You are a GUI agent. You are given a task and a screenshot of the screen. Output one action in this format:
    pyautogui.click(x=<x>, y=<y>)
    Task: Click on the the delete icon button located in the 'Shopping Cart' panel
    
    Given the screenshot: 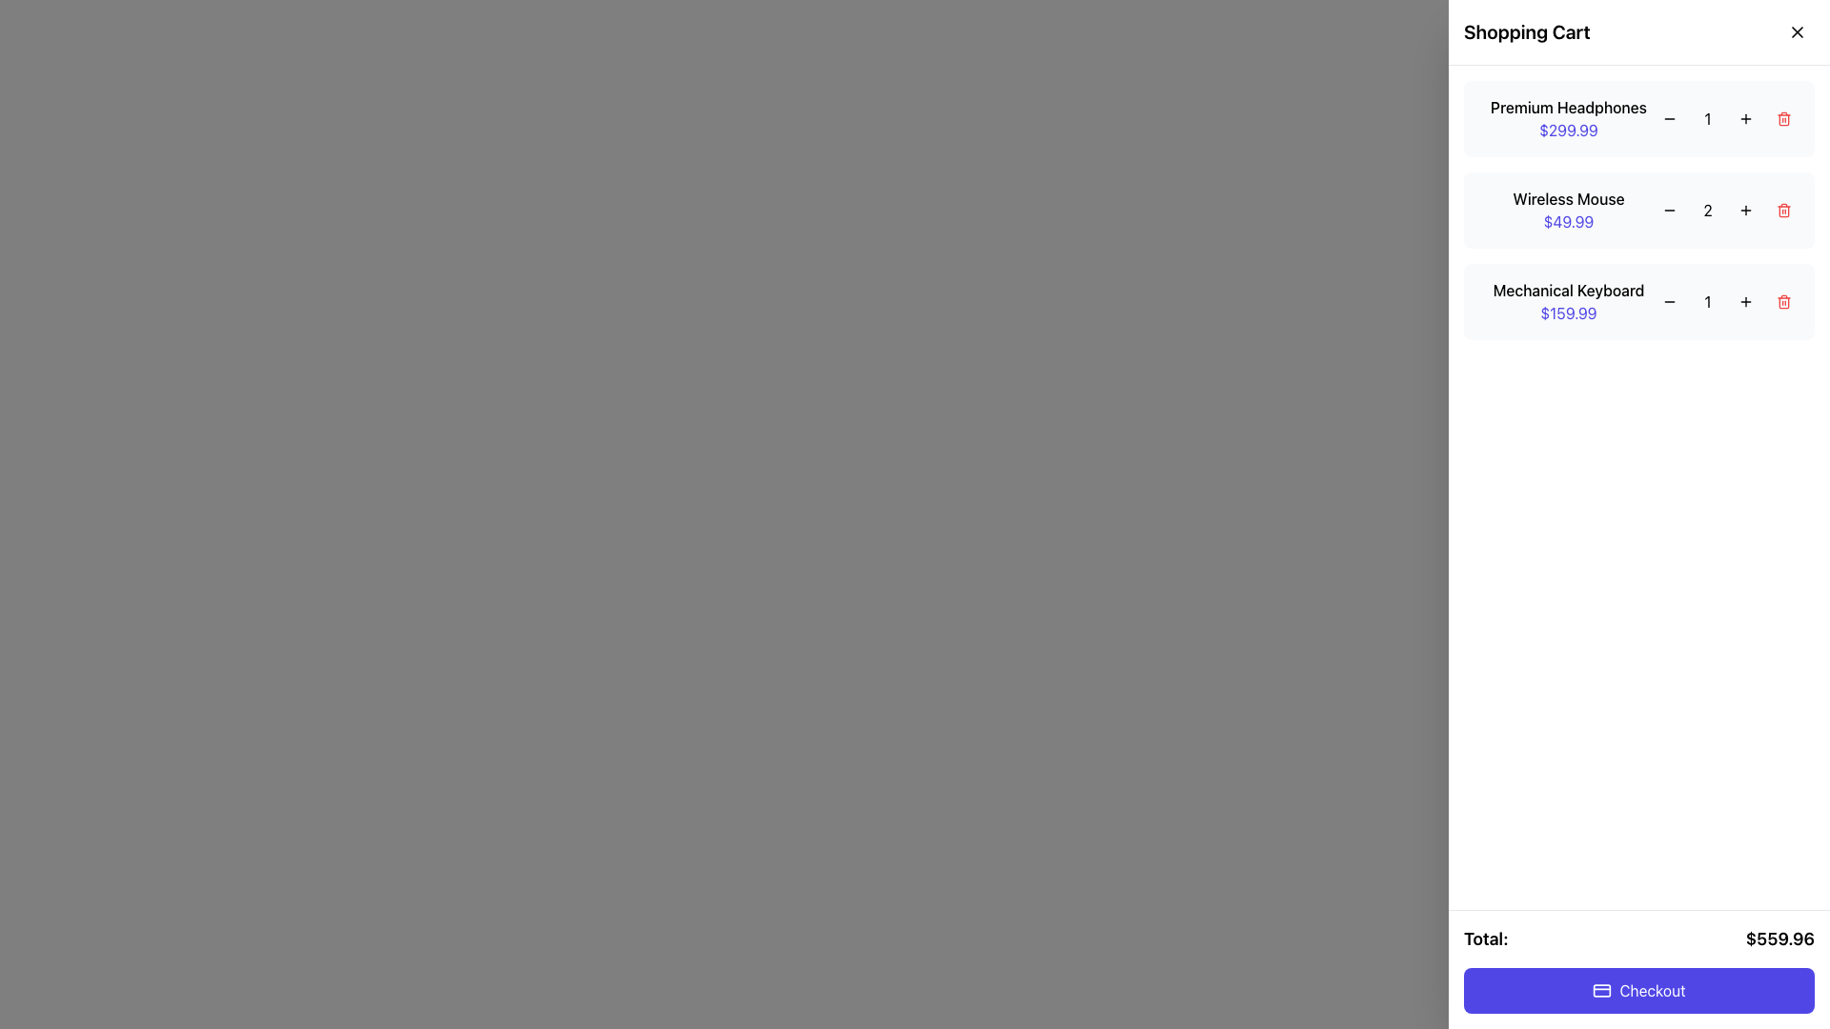 What is the action you would take?
    pyautogui.click(x=1783, y=118)
    